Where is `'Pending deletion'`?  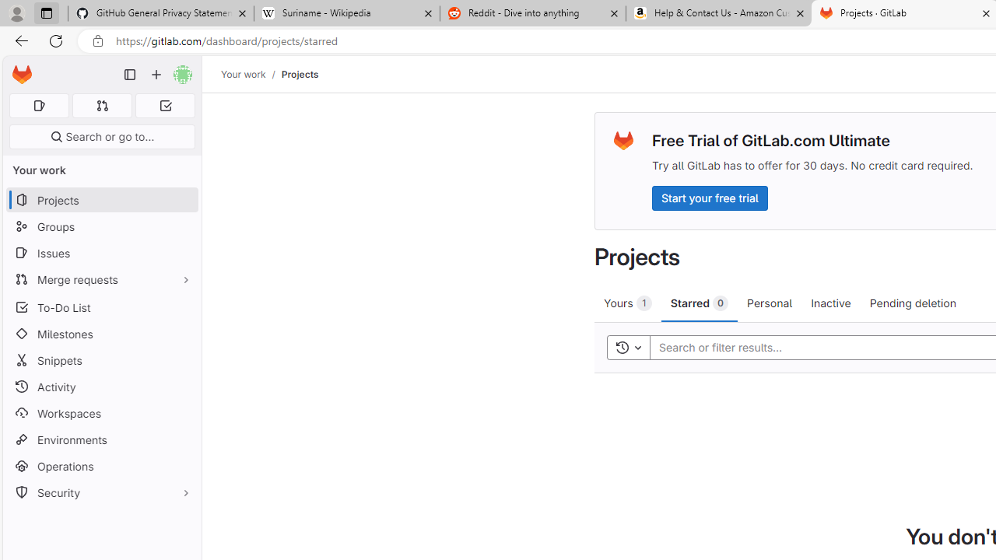
'Pending deletion' is located at coordinates (913, 303).